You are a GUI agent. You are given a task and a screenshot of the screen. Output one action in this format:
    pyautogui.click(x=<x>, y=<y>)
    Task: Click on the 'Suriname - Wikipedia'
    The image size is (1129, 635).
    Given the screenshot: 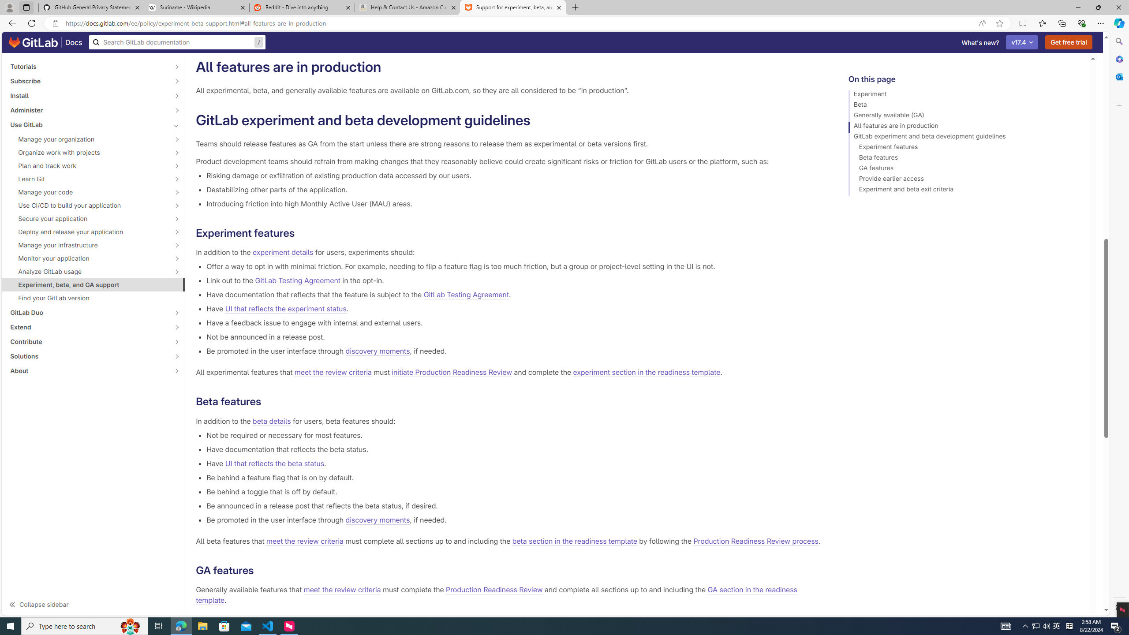 What is the action you would take?
    pyautogui.click(x=196, y=7)
    